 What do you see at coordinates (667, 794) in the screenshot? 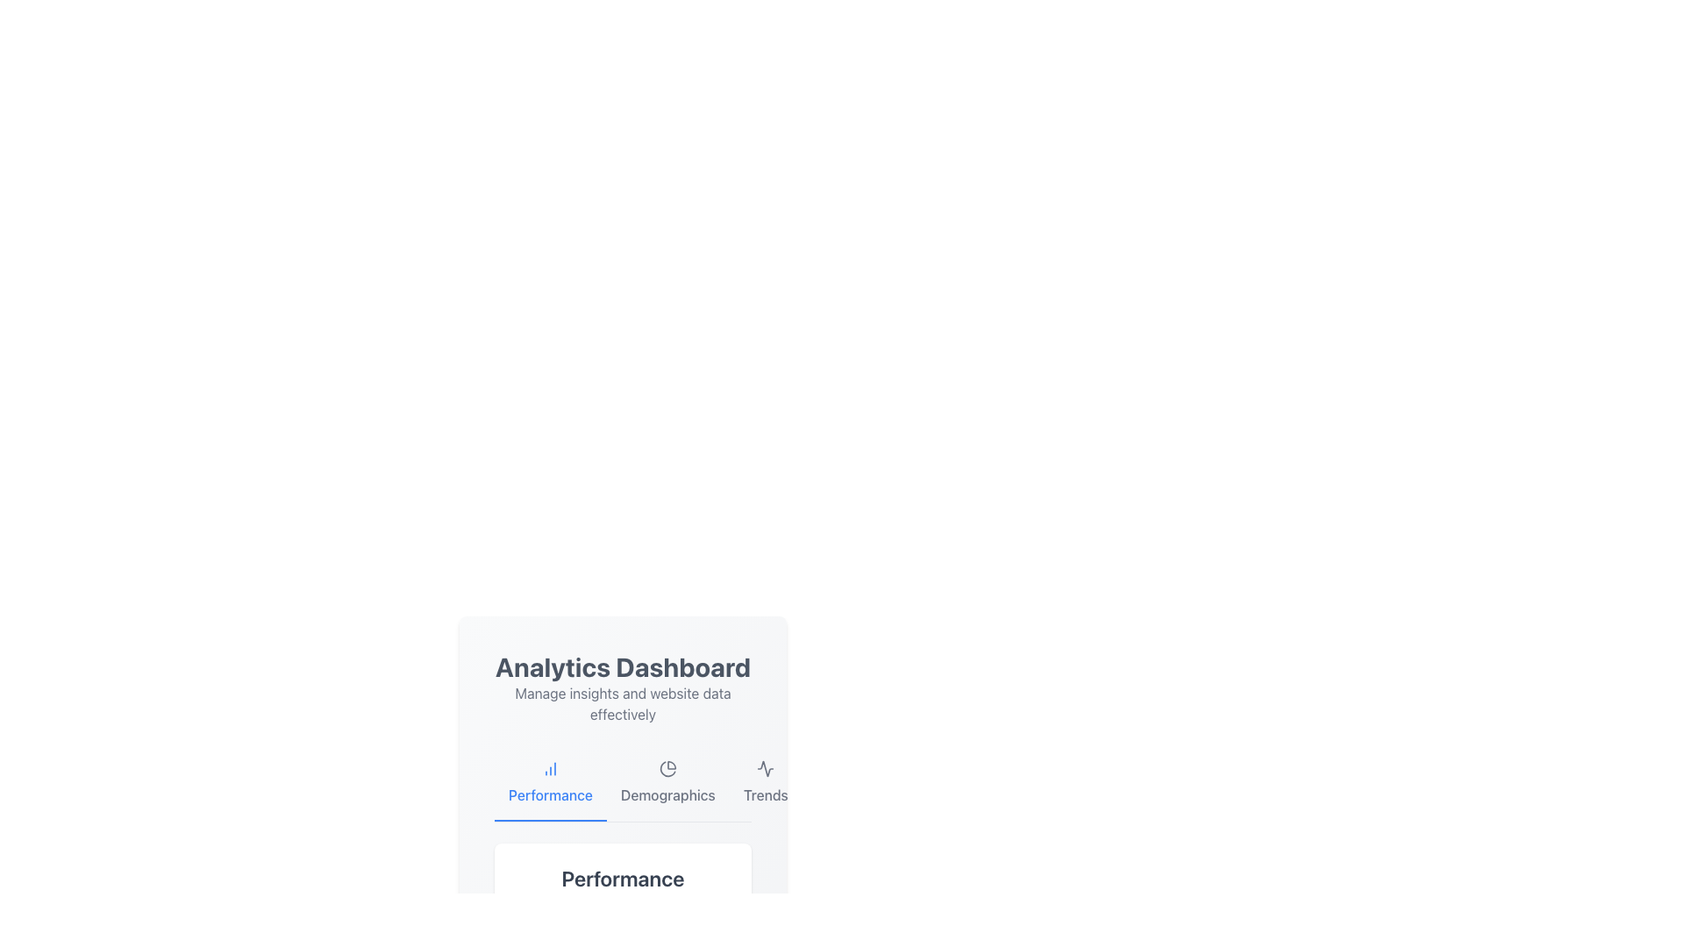
I see `the text label that reads 'Demographics'` at bounding box center [667, 794].